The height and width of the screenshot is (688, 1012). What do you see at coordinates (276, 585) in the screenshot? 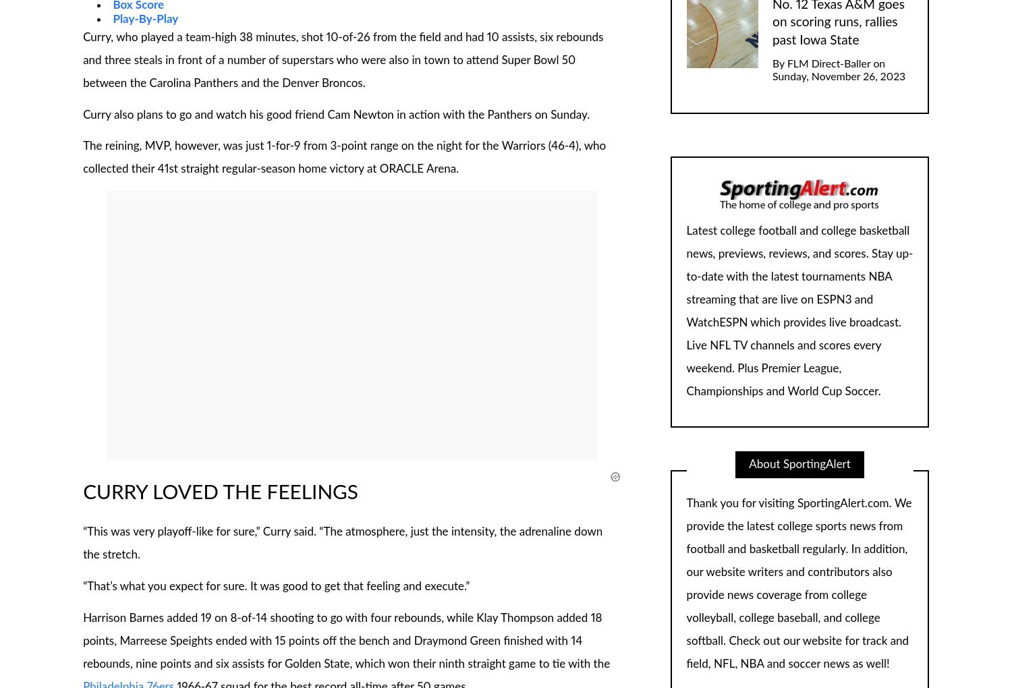
I see `'“That’s what you expect for sure. It was good to get that feeling and execute.”'` at bounding box center [276, 585].